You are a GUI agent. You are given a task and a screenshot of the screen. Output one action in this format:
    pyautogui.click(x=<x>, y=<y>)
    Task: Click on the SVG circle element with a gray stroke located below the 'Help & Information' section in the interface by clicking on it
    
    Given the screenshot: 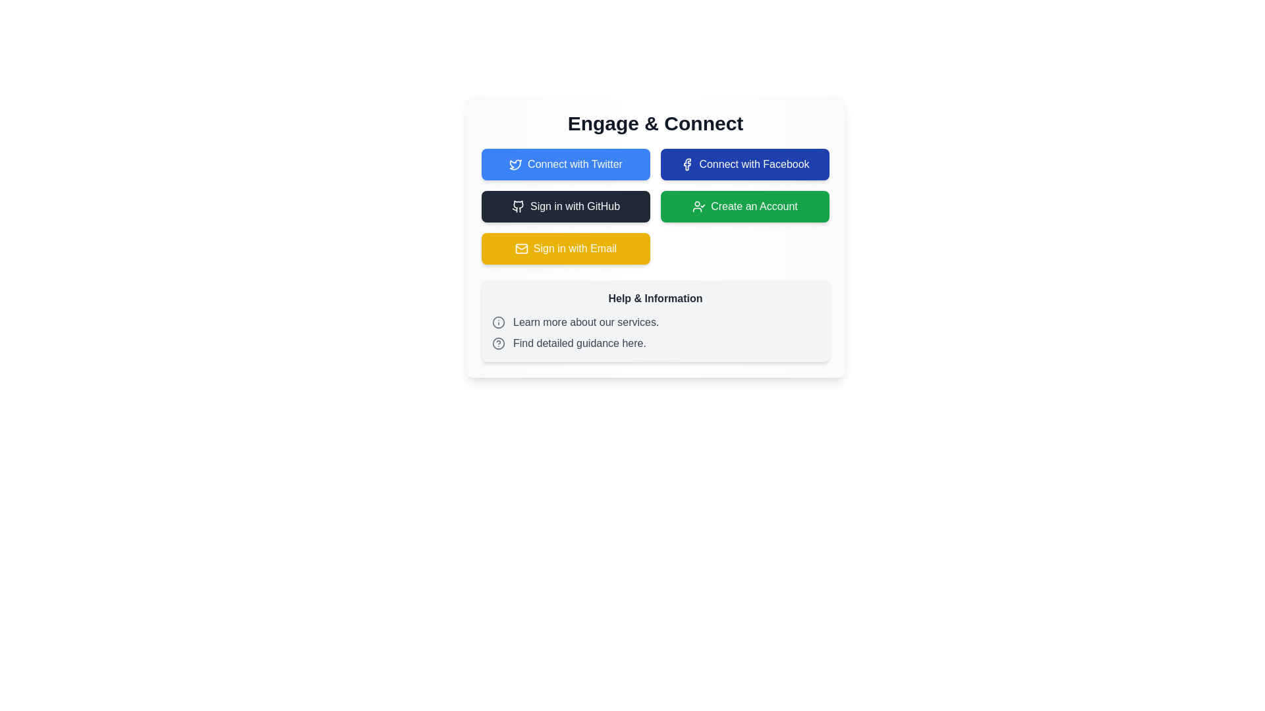 What is the action you would take?
    pyautogui.click(x=498, y=322)
    